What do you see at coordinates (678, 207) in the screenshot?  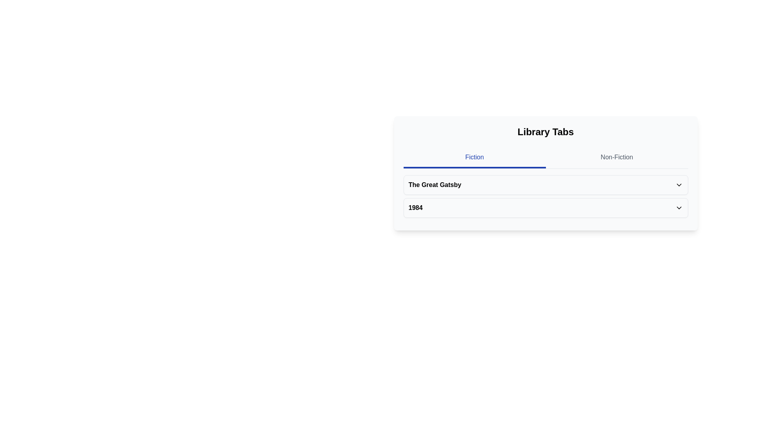 I see `the downward-pointing chevron icon on the far-right side of the row labeled '1984'` at bounding box center [678, 207].